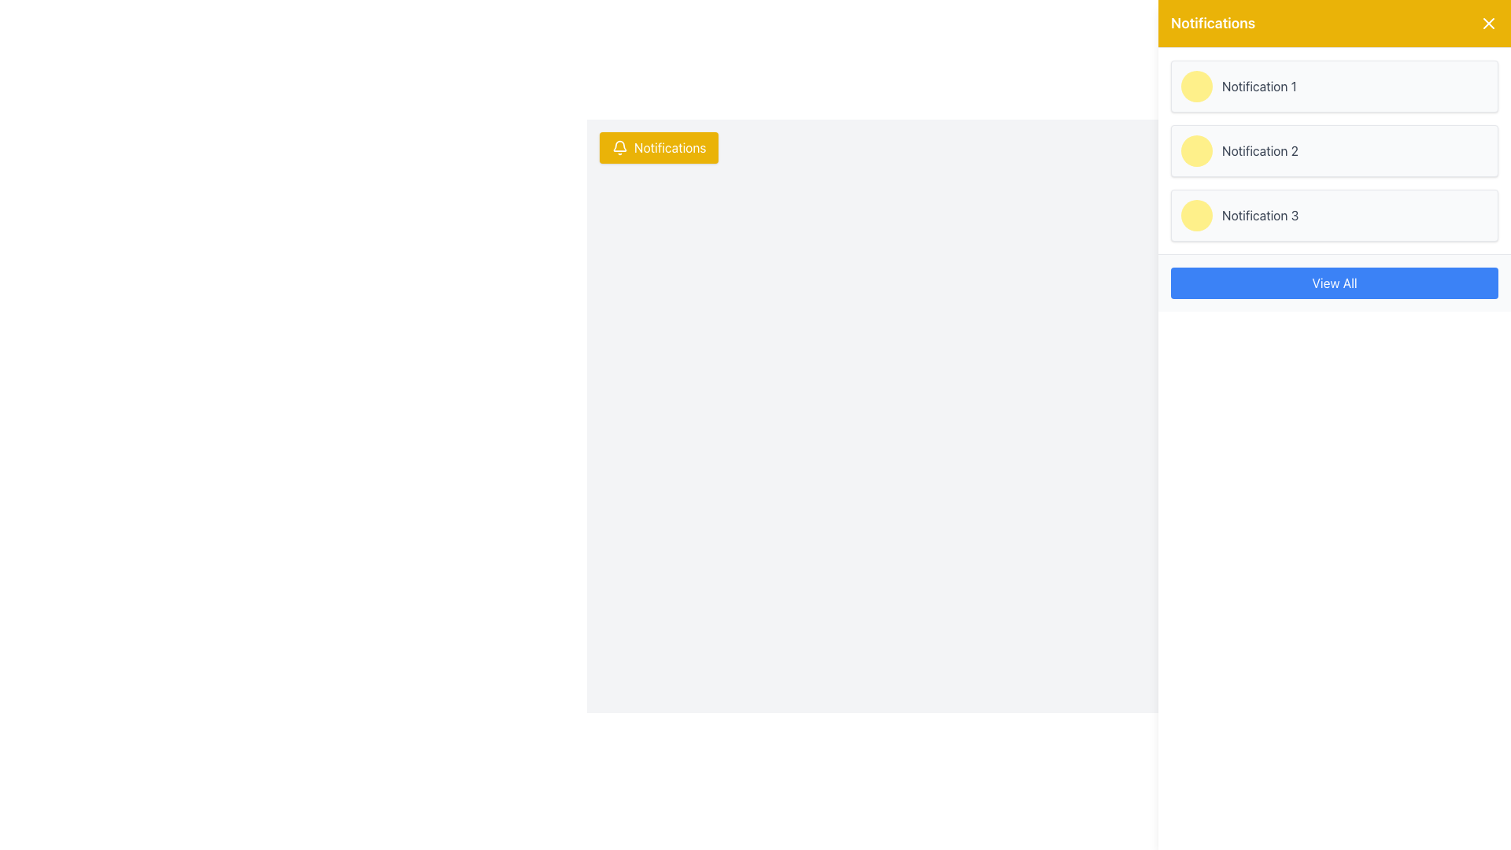 This screenshot has height=850, width=1511. What do you see at coordinates (1260, 151) in the screenshot?
I see `the text label reading 'Notification 2'` at bounding box center [1260, 151].